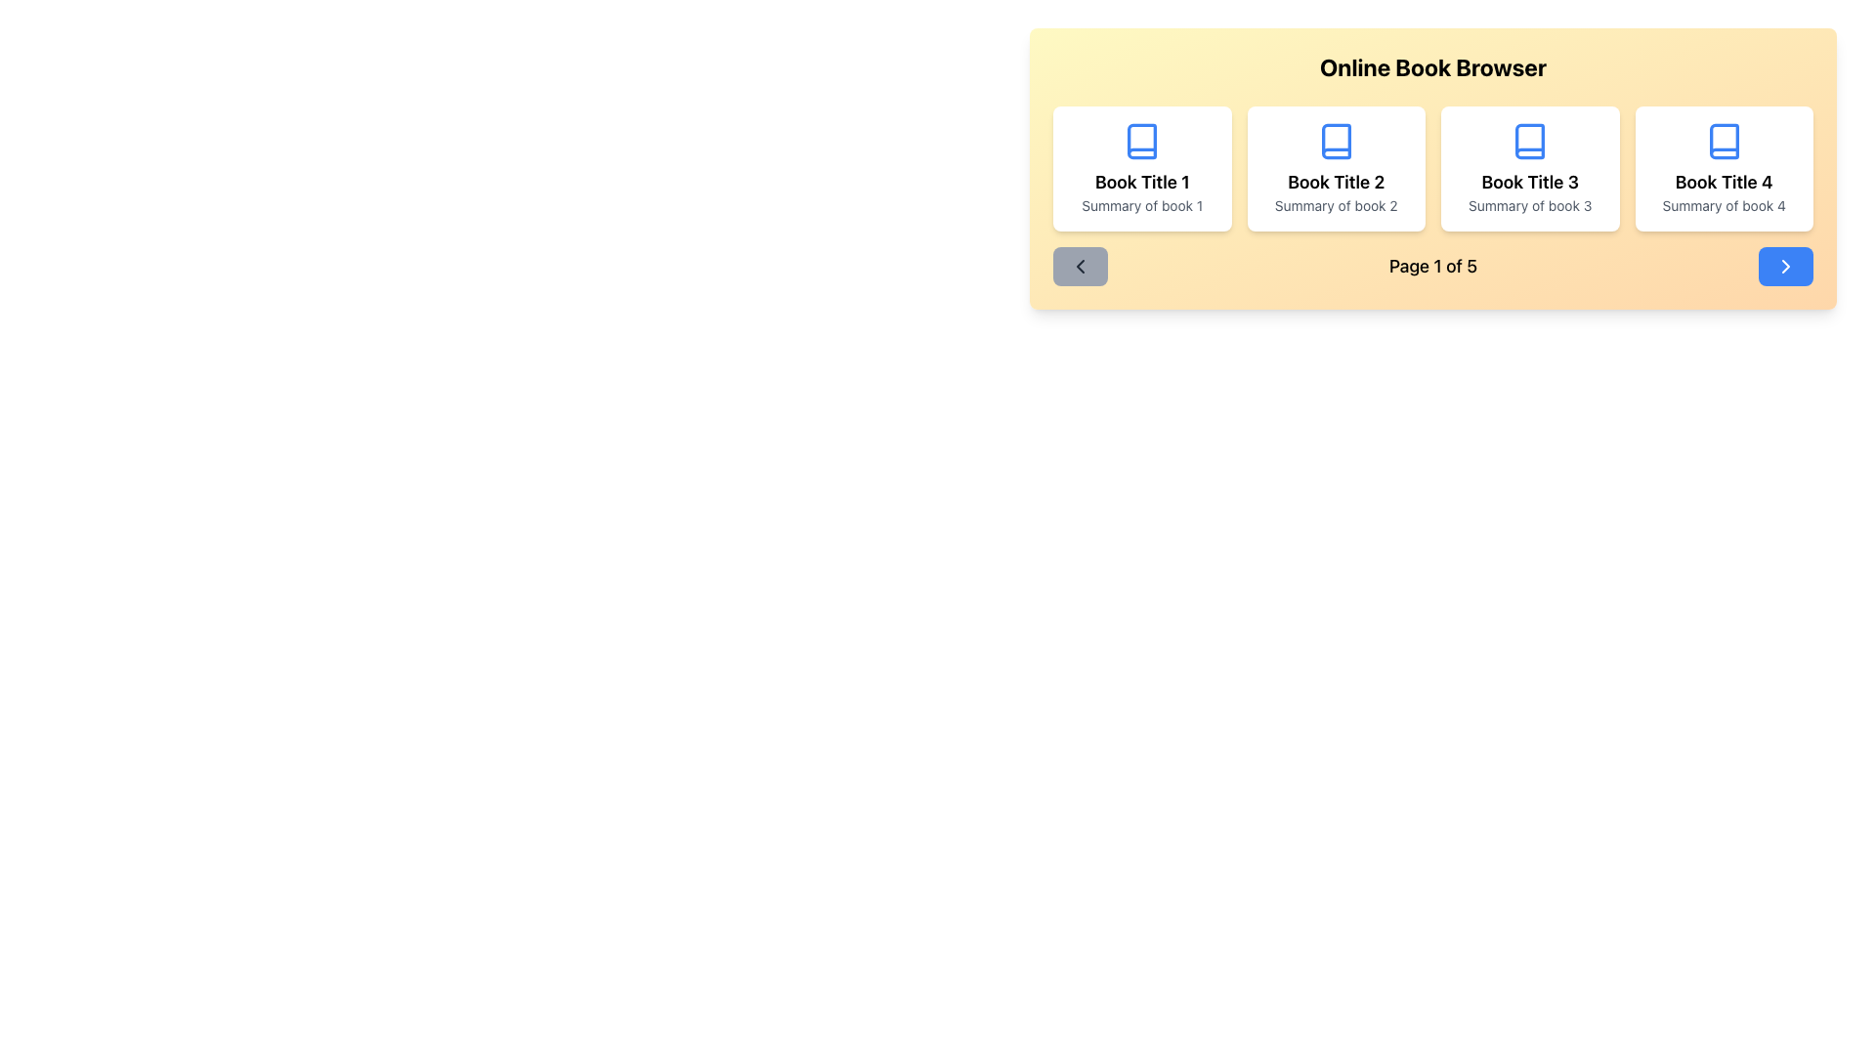  What do you see at coordinates (1142, 141) in the screenshot?
I see `the blue book icon located in the first card of the horizontally scrollable list, which is the second card from the left` at bounding box center [1142, 141].